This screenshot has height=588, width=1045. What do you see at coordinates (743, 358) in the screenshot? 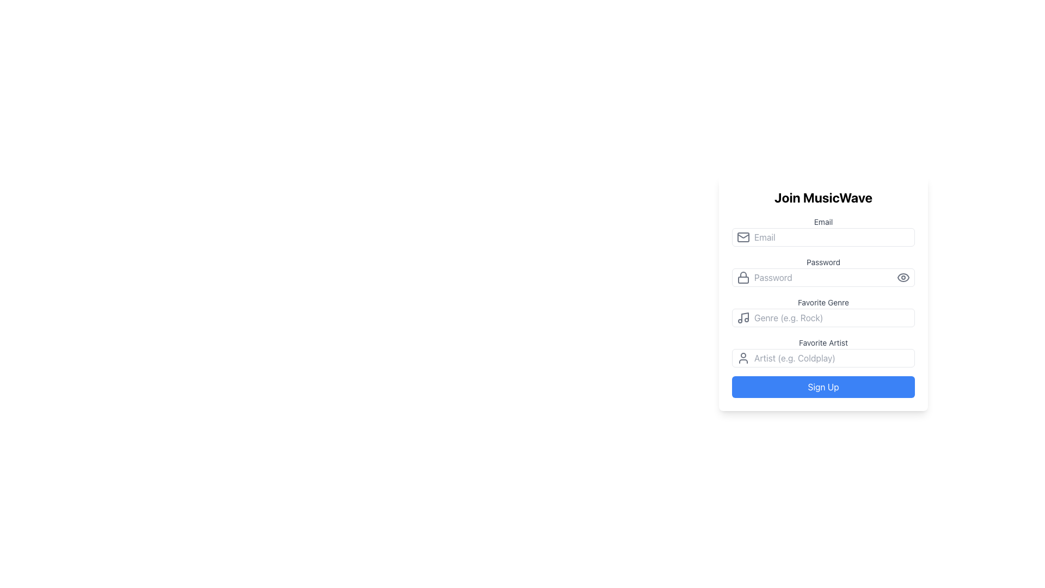
I see `the user figure icon, which is styled with gray lines, located immediately to the left of the 'Artist' text input field in the 'Favorite Artist' section` at bounding box center [743, 358].